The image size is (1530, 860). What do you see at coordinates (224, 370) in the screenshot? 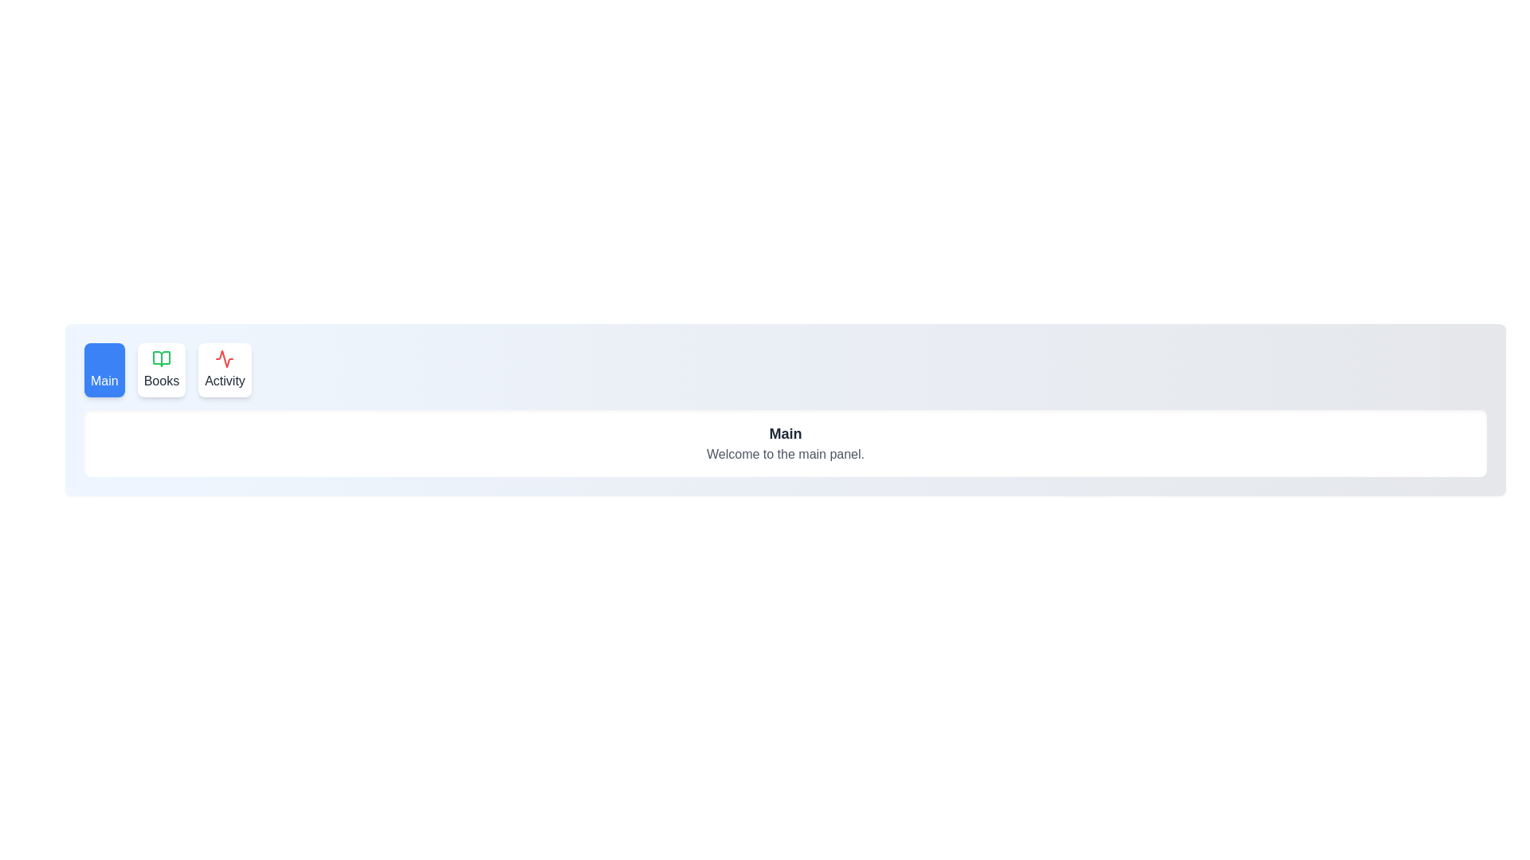
I see `the tab labeled Activity` at bounding box center [224, 370].